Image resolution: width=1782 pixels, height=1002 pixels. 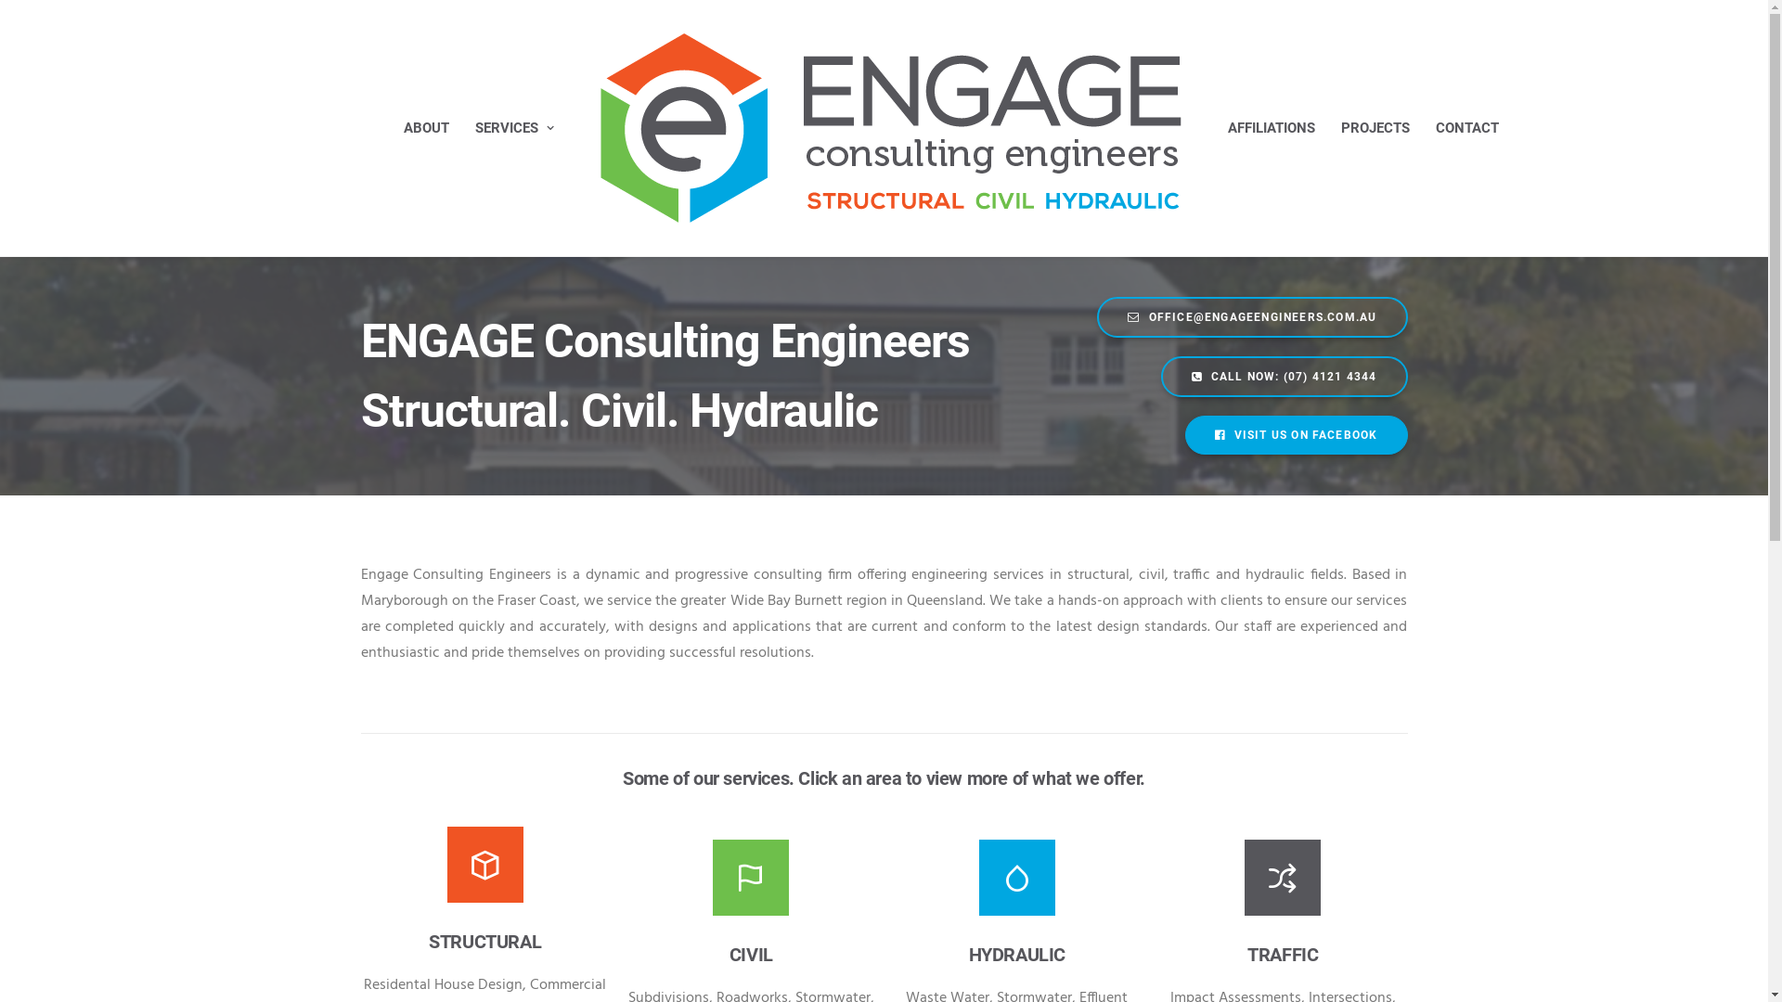 What do you see at coordinates (751, 877) in the screenshot?
I see `'Civil'` at bounding box center [751, 877].